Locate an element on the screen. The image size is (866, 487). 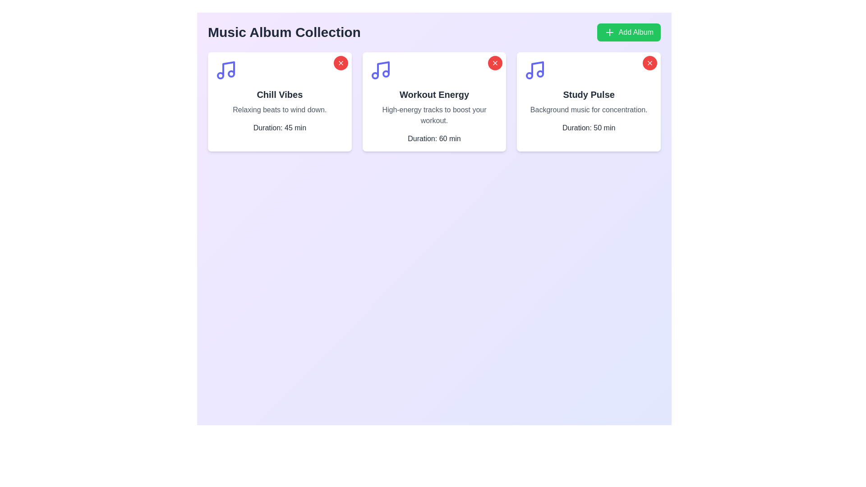
the grid layout surrounding the 'Workout Energy' album information card, which is the second card in a row of three within the grid structure is located at coordinates (434, 101).